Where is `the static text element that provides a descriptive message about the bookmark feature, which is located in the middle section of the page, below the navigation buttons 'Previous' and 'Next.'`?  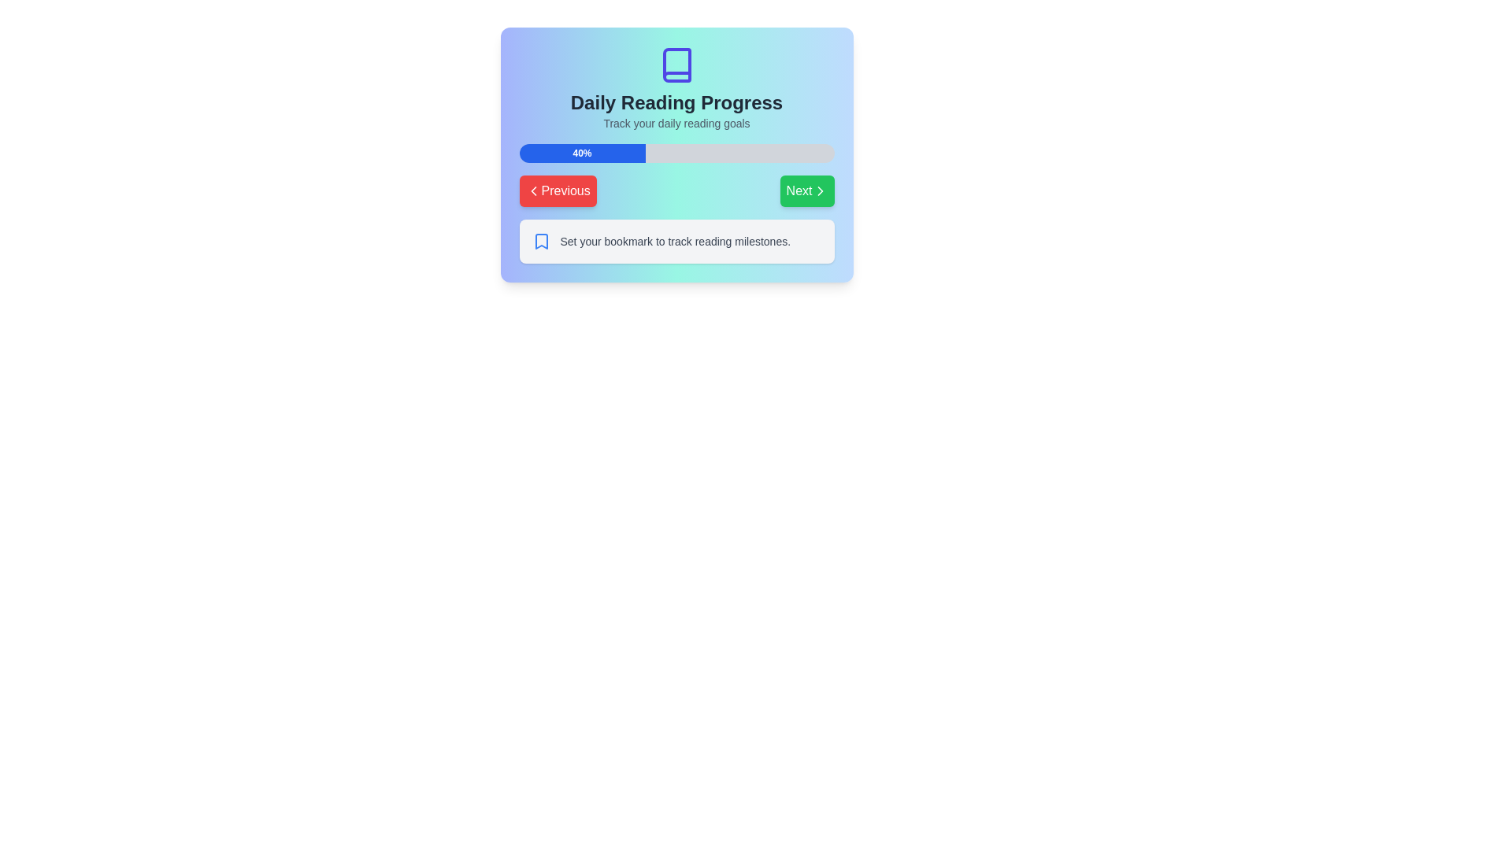 the static text element that provides a descriptive message about the bookmark feature, which is located in the middle section of the page, below the navigation buttons 'Previous' and 'Next.' is located at coordinates (675, 242).